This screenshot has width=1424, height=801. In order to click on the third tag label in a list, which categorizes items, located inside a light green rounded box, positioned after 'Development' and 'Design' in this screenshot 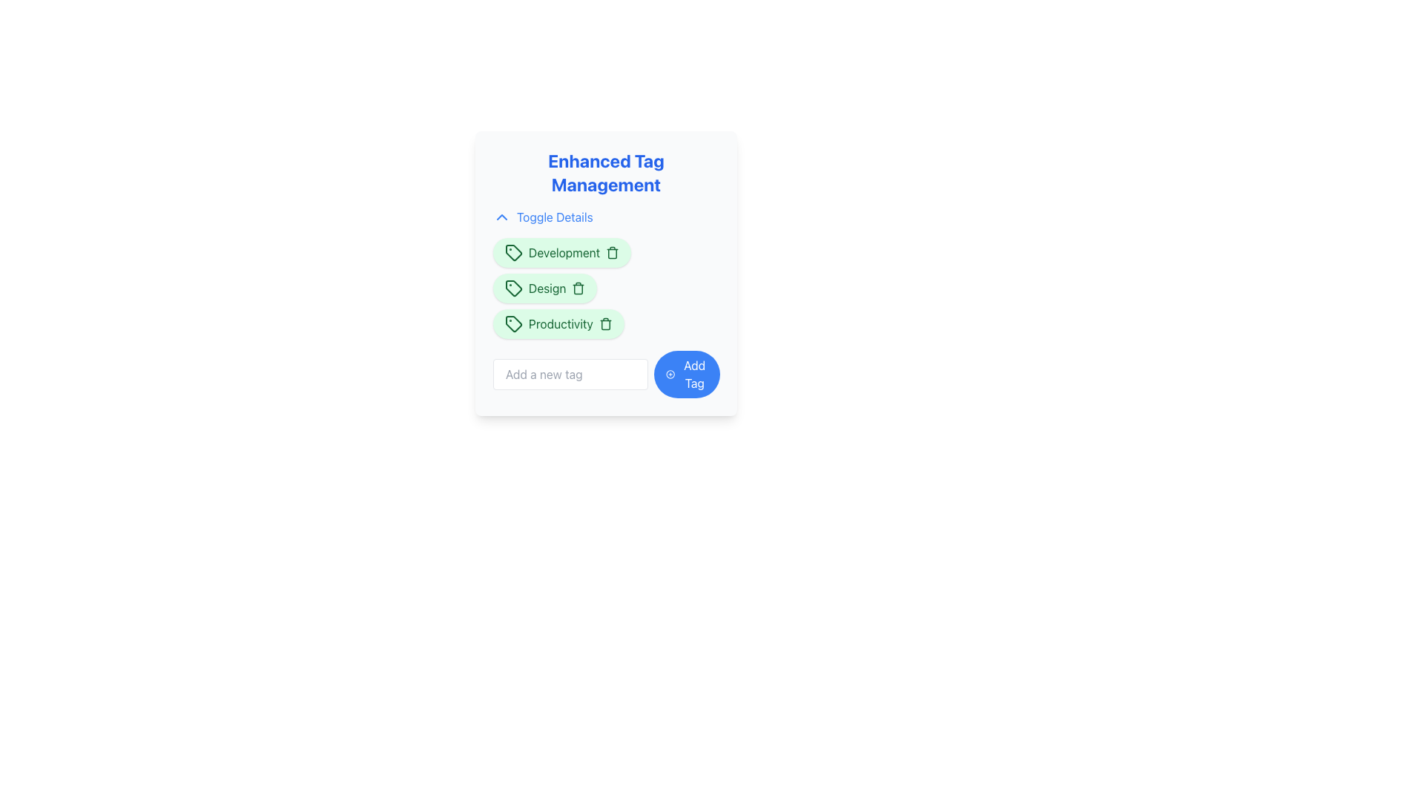, I will do `click(560, 323)`.